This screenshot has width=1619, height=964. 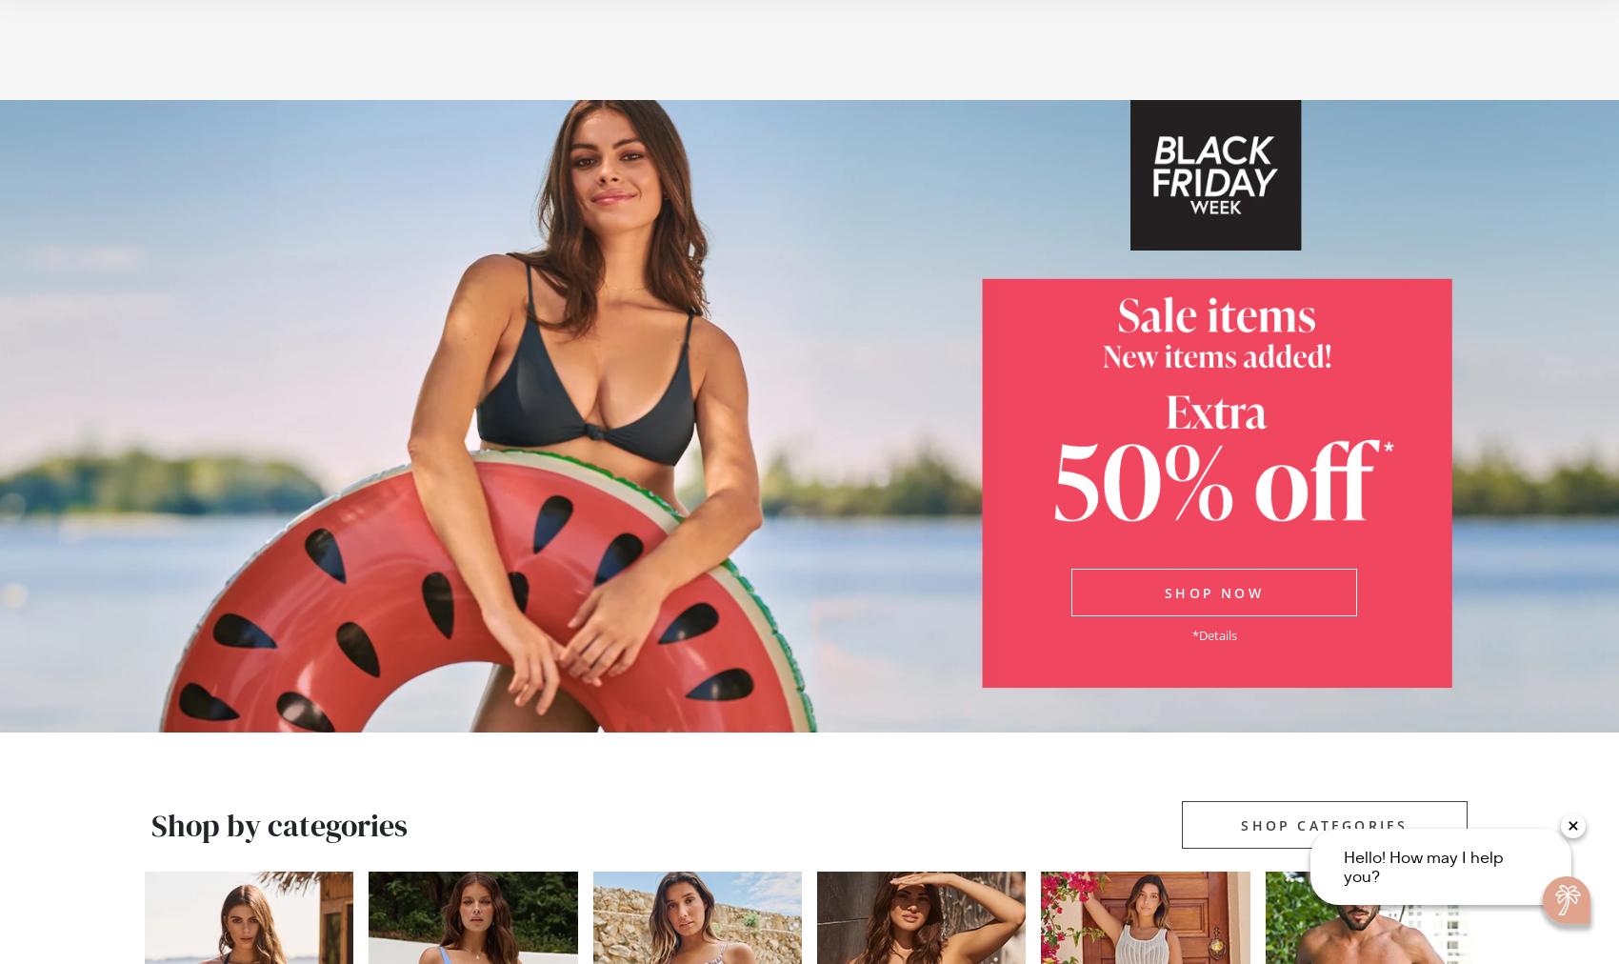 What do you see at coordinates (1323, 824) in the screenshot?
I see `'SHOP CATEGORIES'` at bounding box center [1323, 824].